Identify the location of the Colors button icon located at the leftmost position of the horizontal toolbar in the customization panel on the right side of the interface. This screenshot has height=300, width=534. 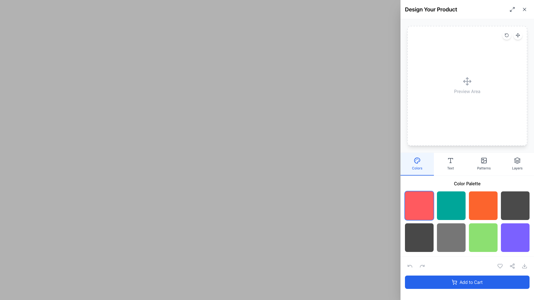
(417, 161).